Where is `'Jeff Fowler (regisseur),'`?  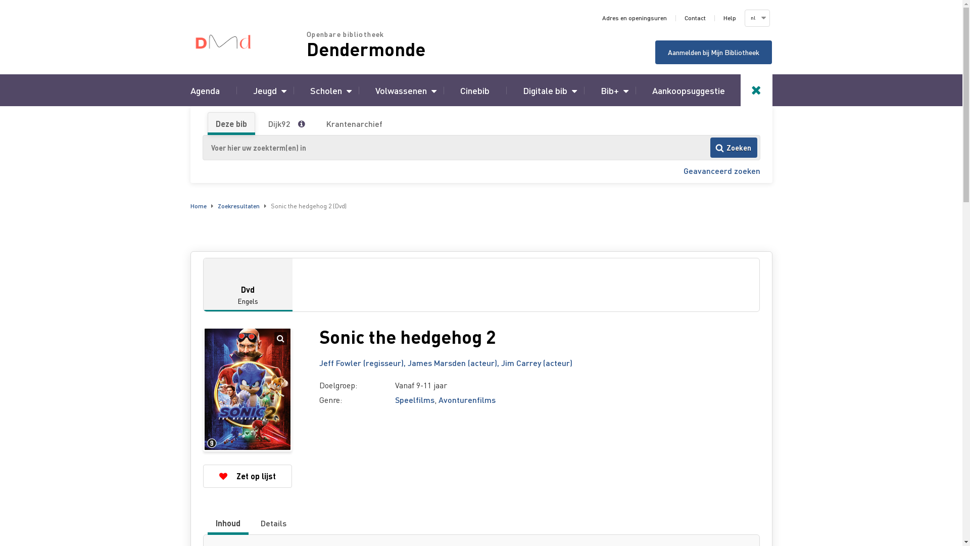 'Jeff Fowler (regisseur),' is located at coordinates (363, 362).